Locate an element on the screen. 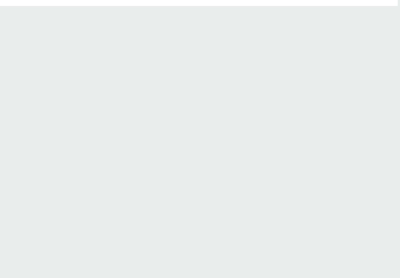 This screenshot has height=278, width=400. 'Awakening' is located at coordinates (33, 103).